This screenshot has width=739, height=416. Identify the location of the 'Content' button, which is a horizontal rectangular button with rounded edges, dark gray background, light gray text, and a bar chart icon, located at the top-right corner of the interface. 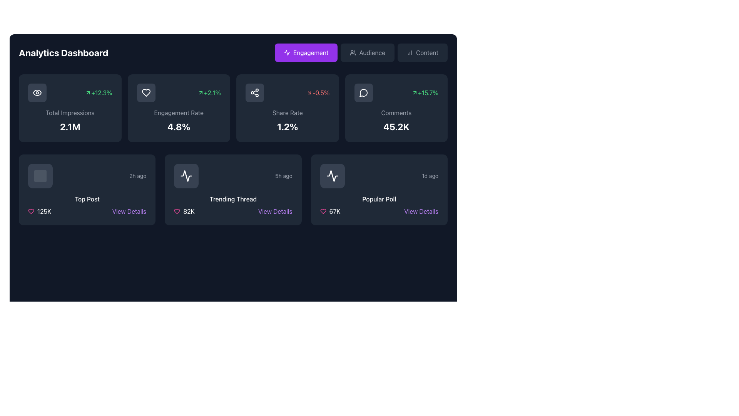
(422, 52).